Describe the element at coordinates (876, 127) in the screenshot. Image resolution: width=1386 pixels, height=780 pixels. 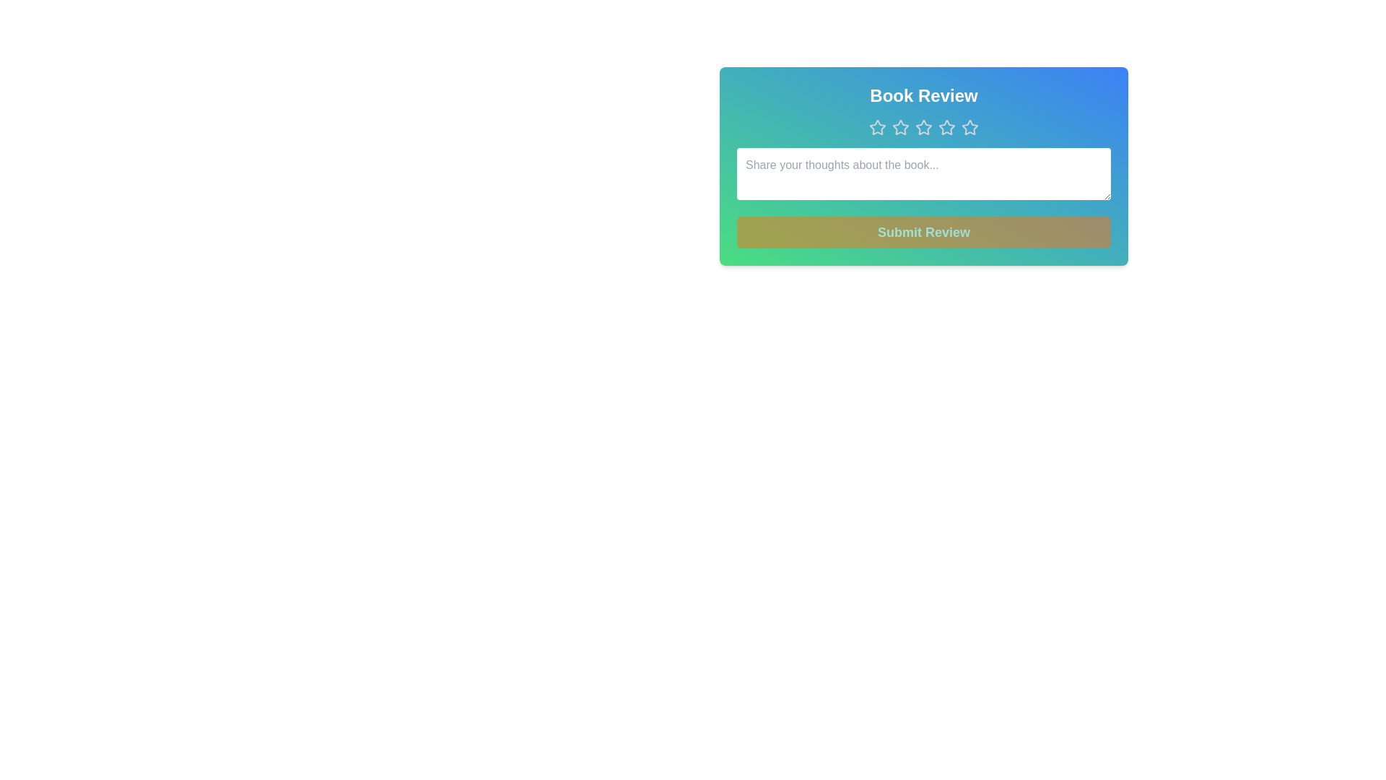
I see `the star corresponding to the rating 1` at that location.